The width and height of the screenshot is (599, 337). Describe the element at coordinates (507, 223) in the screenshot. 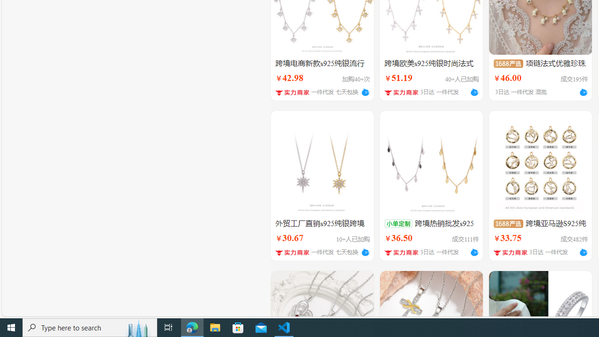

I see `'Class: icon'` at that location.